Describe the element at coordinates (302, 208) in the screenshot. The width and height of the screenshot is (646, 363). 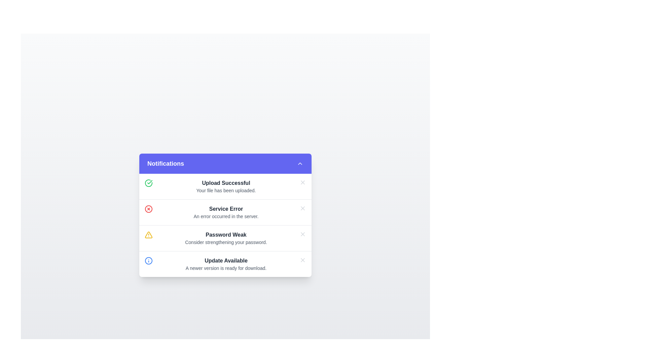
I see `the close button located within the 'Service Error' notification card to observe the hover effects` at that location.